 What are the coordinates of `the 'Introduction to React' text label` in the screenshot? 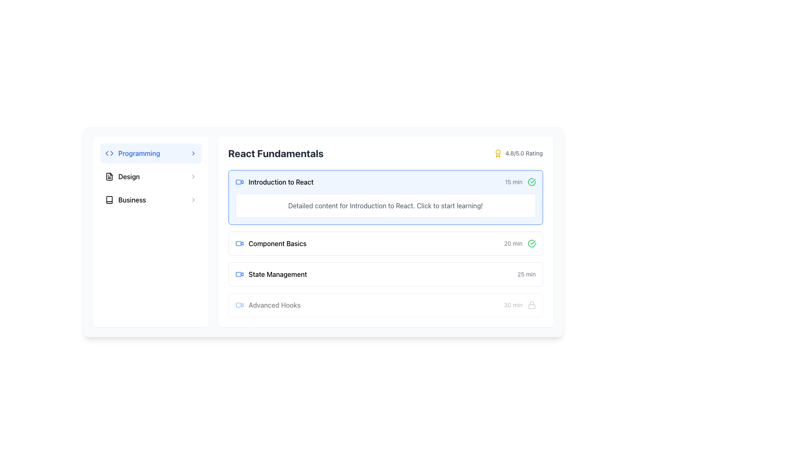 It's located at (281, 182).